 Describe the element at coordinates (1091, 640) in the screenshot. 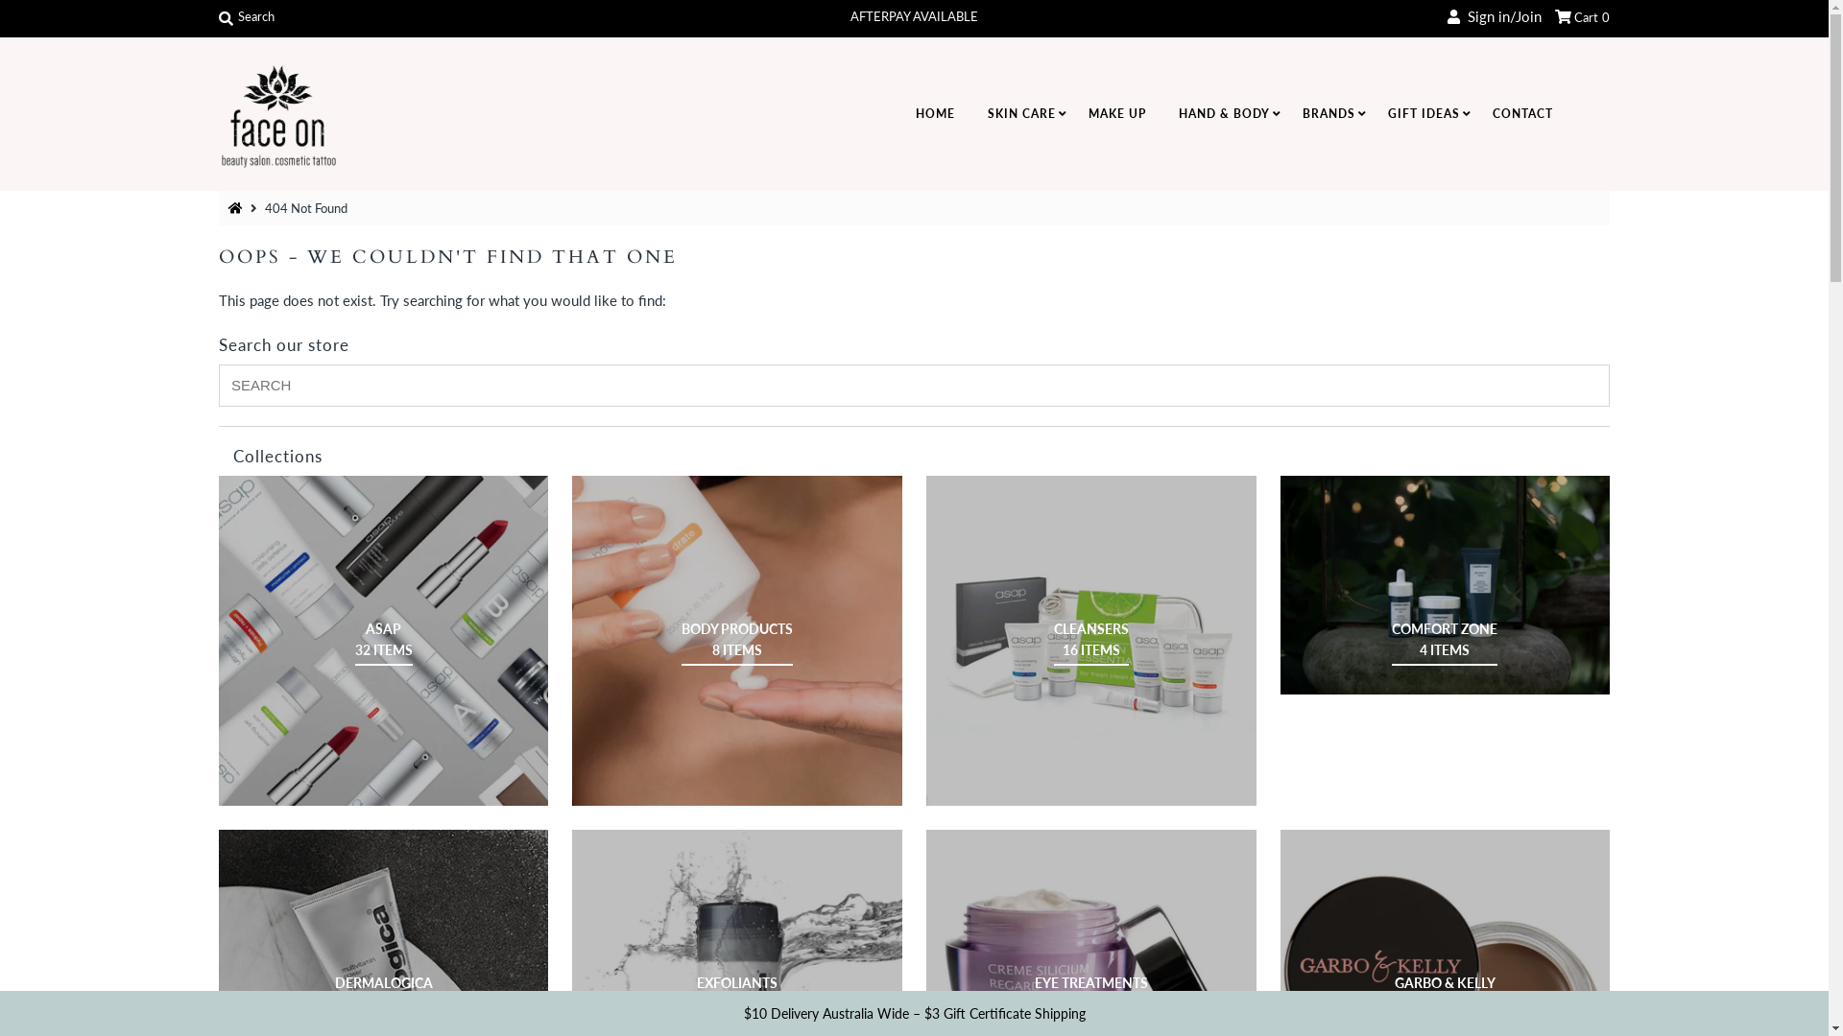

I see `'Cleansers'` at that location.